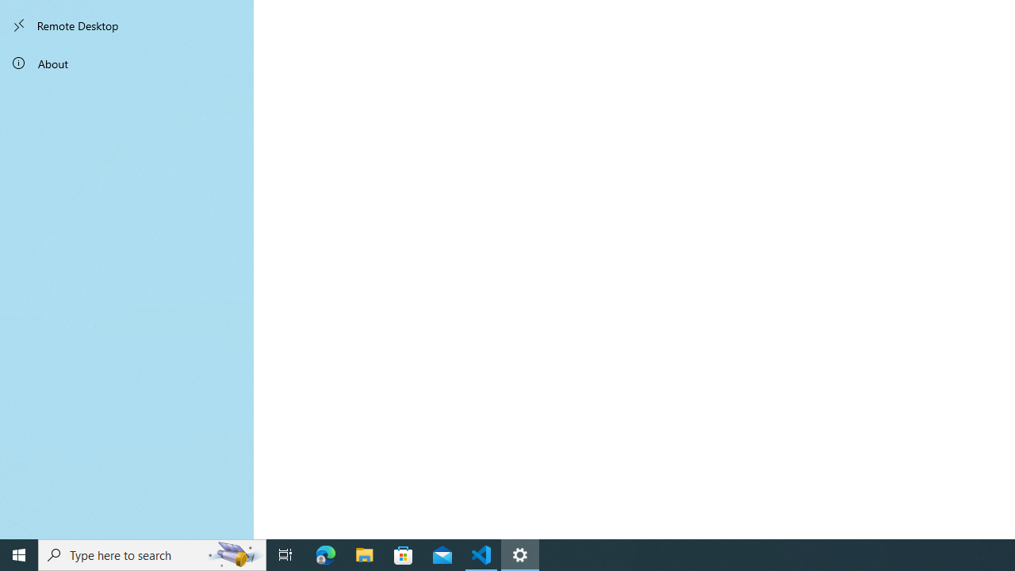  I want to click on 'Start', so click(19, 554).